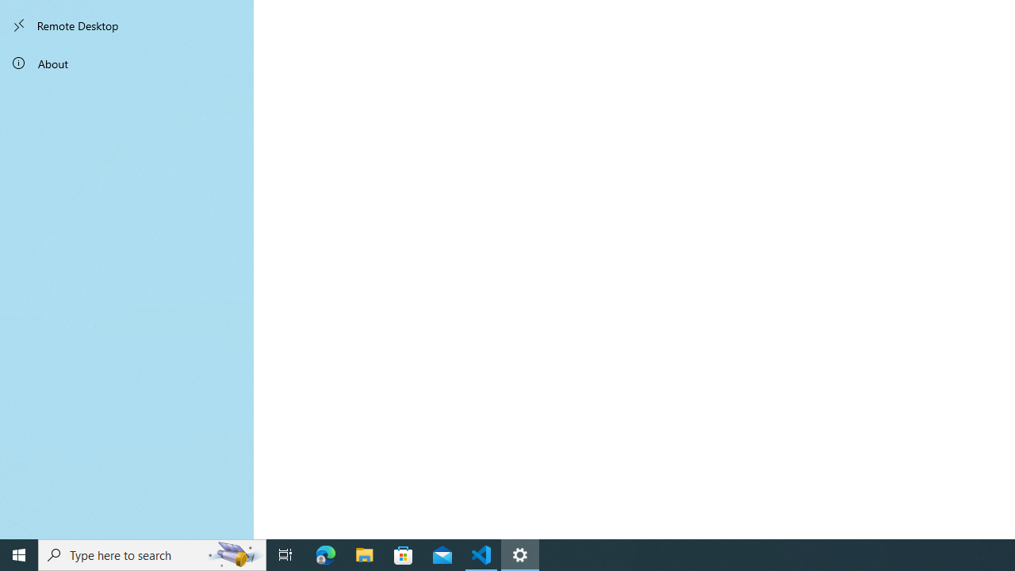  I want to click on 'Start', so click(19, 554).